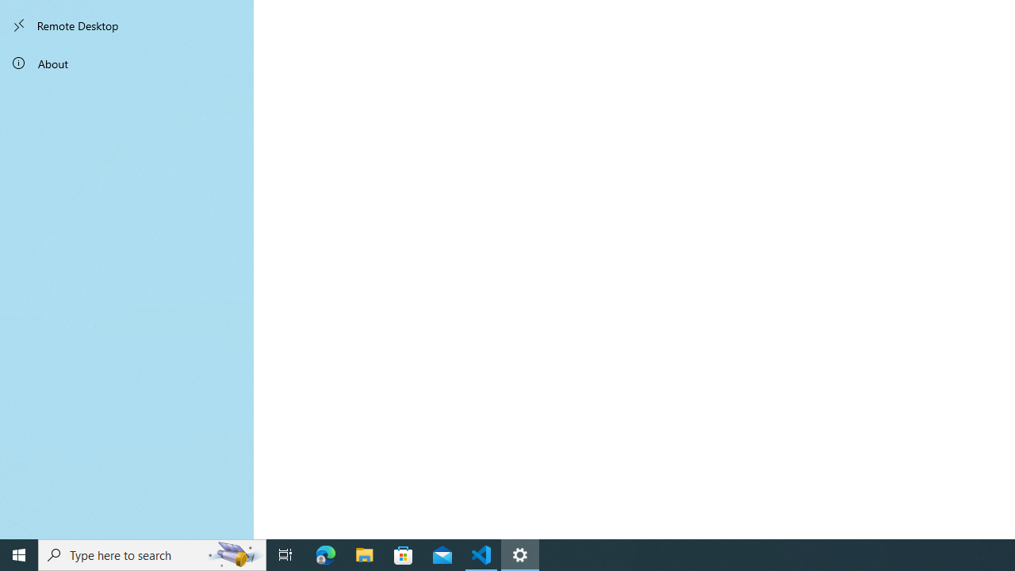  I want to click on 'Start', so click(19, 554).